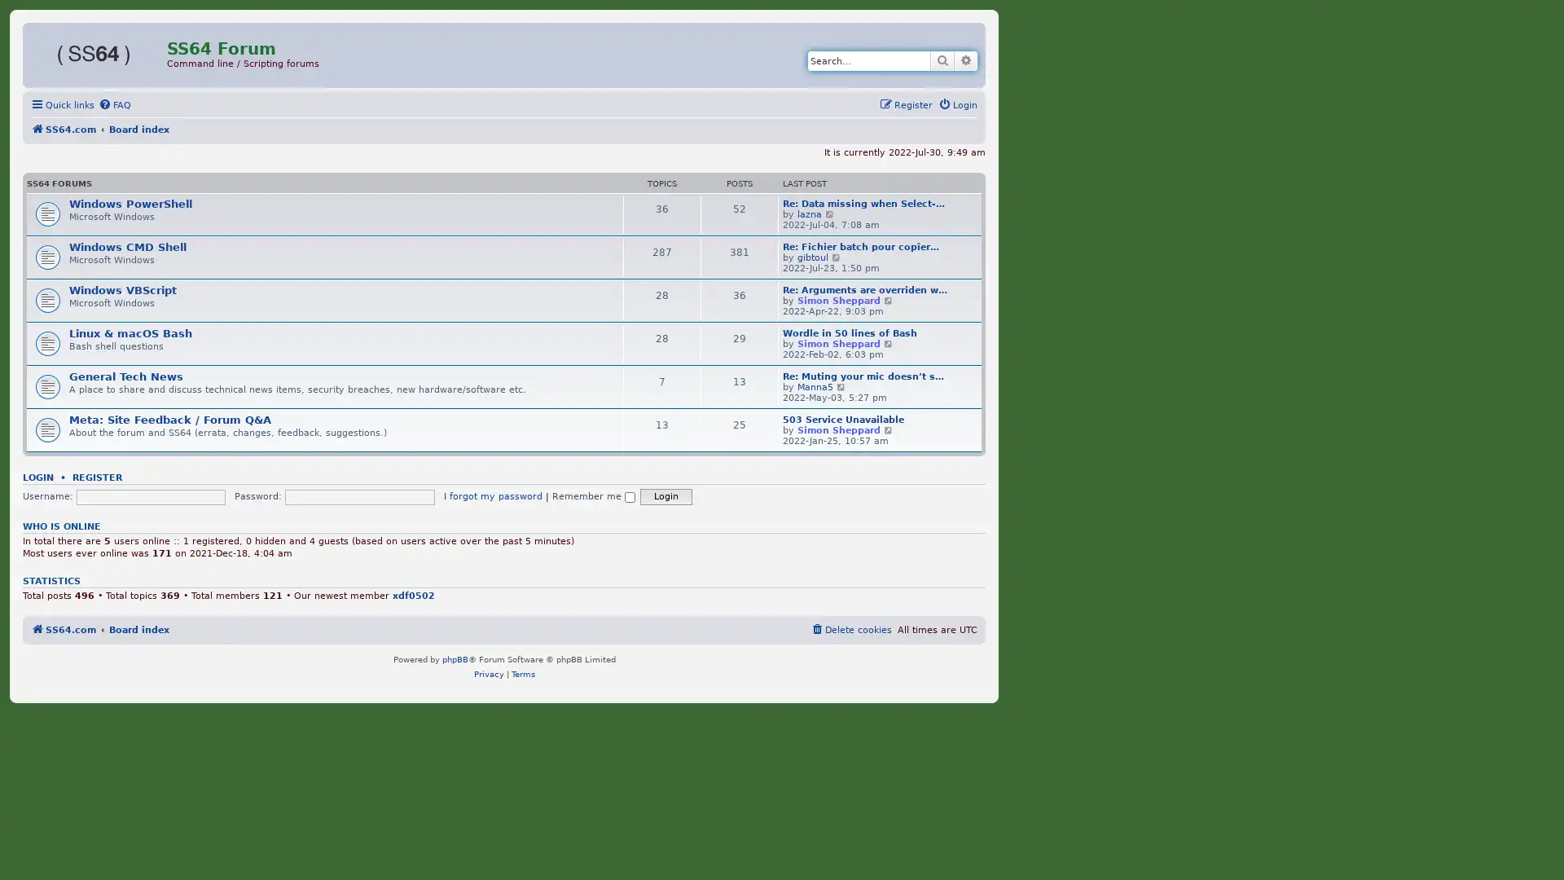 The height and width of the screenshot is (880, 1564). What do you see at coordinates (665, 495) in the screenshot?
I see `Login` at bounding box center [665, 495].